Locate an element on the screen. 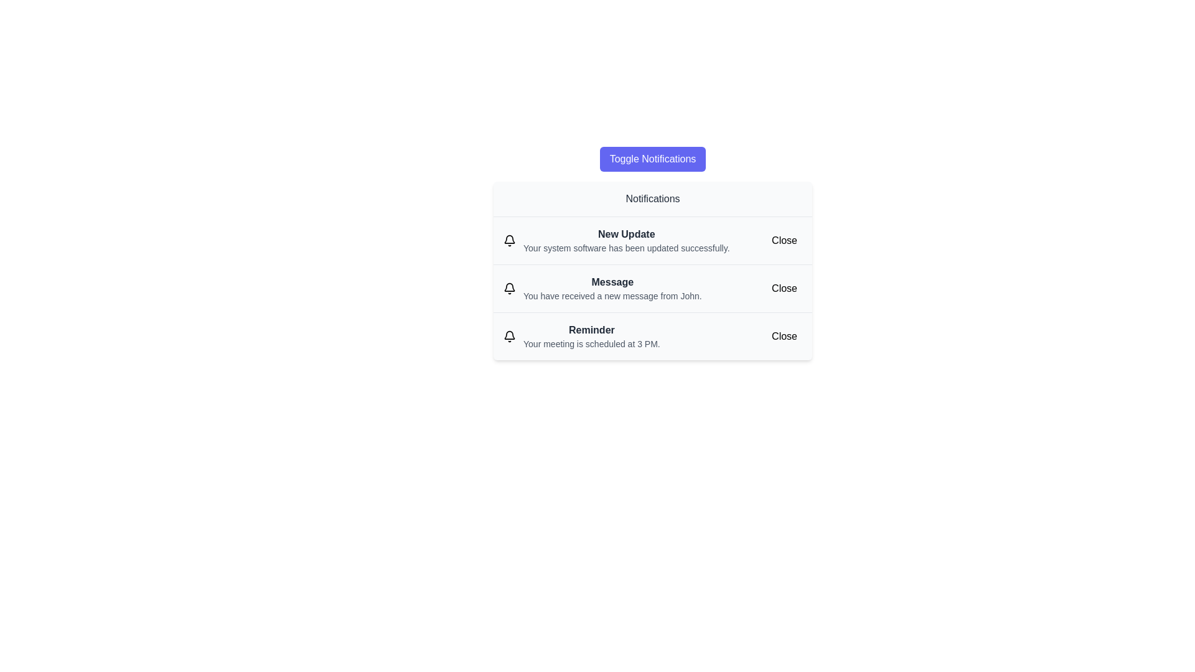 The height and width of the screenshot is (672, 1195). text from the Notification text block located in the dropdown panel, which is the third item in a vertical stack of notifications is located at coordinates (591, 336).